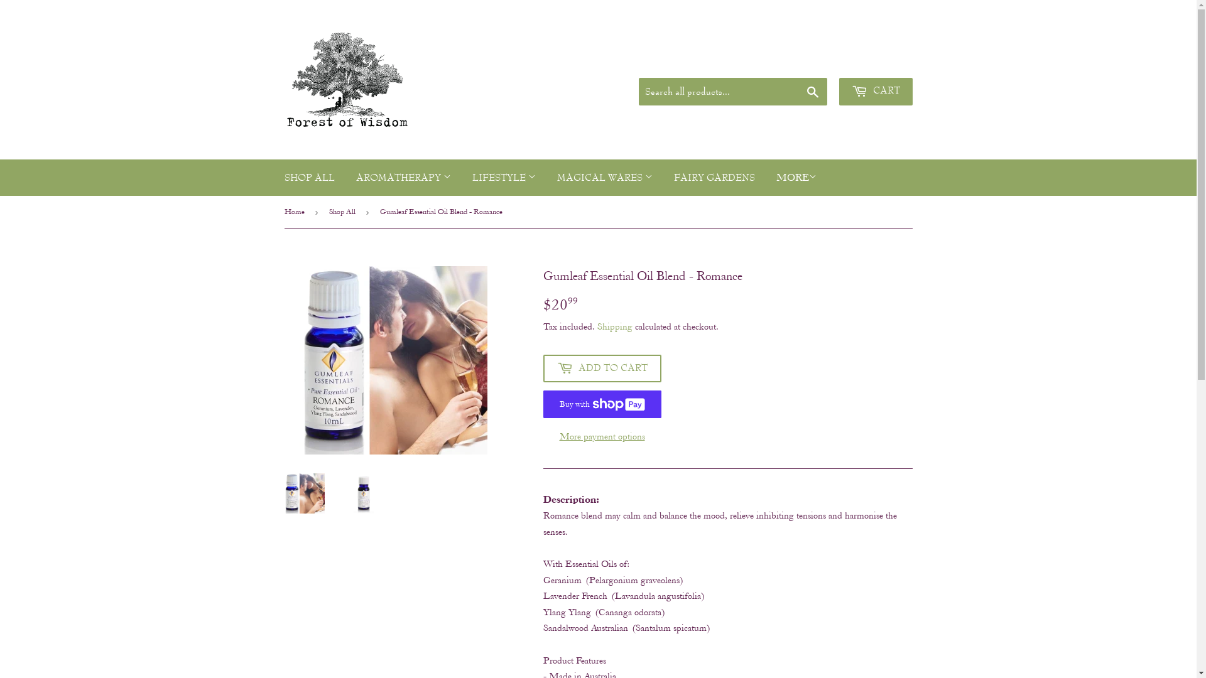 Image resolution: width=1206 pixels, height=678 pixels. Describe the element at coordinates (503, 178) in the screenshot. I see `'LIFESTYLE'` at that location.